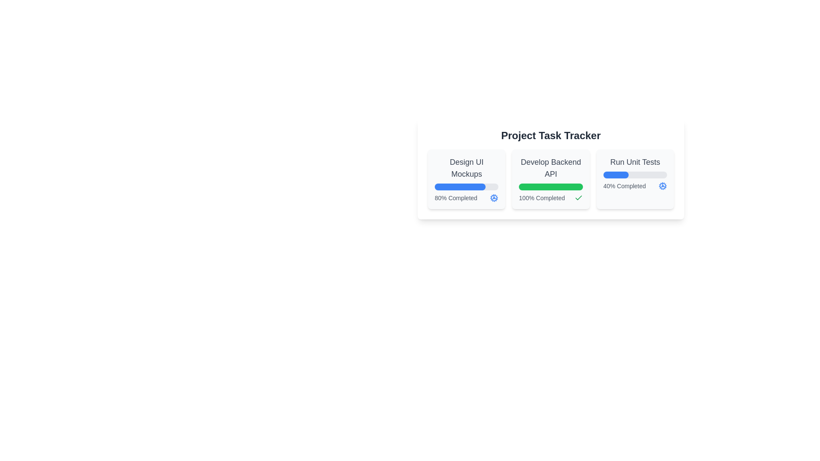 The height and width of the screenshot is (461, 820). Describe the element at coordinates (466, 168) in the screenshot. I see `the text label displaying 'Design UI Mockups', which is centrally located within the first card of a group of task cards` at that location.